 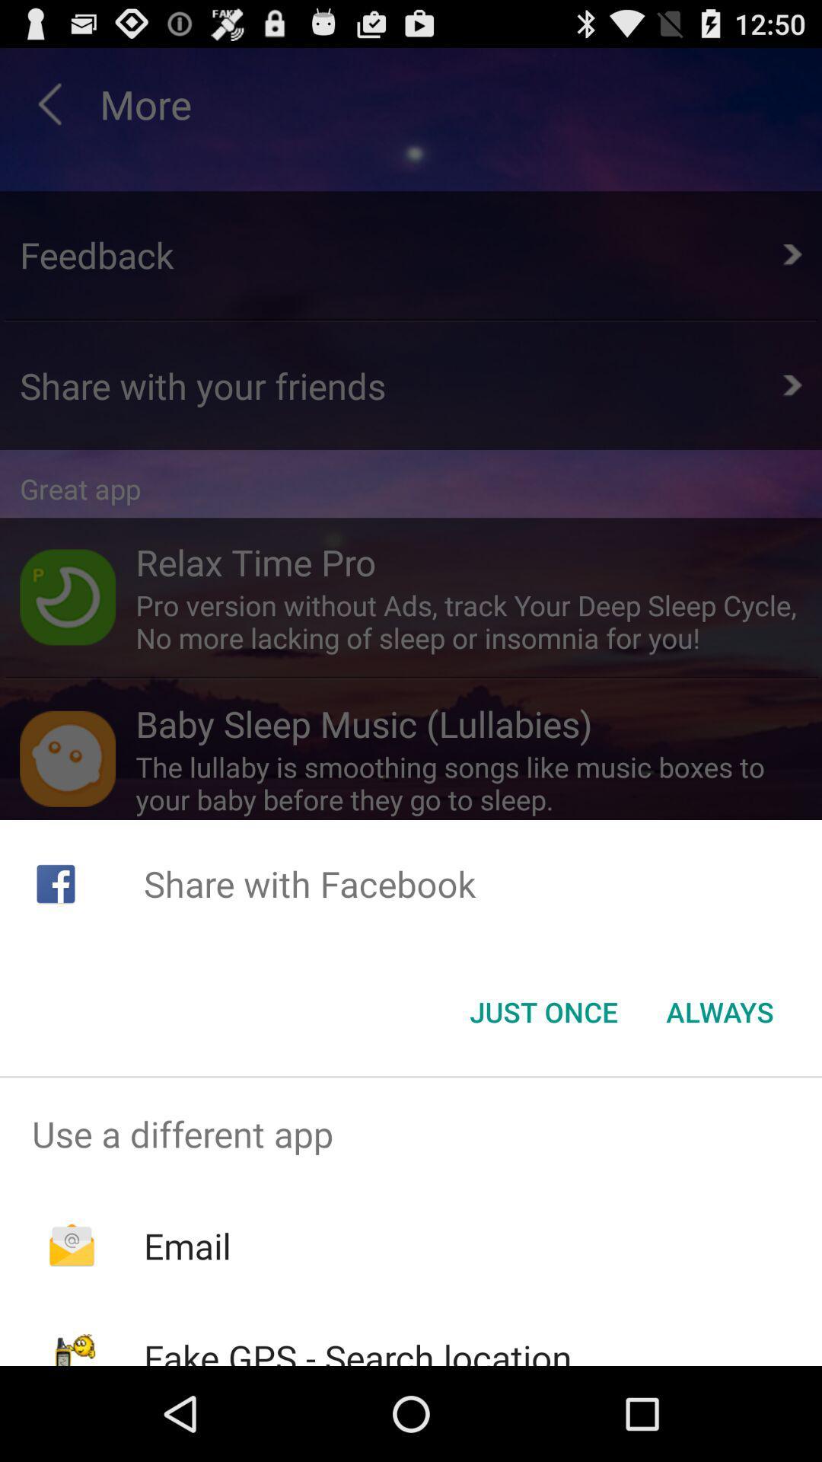 What do you see at coordinates (719, 1012) in the screenshot?
I see `button next to the just once item` at bounding box center [719, 1012].